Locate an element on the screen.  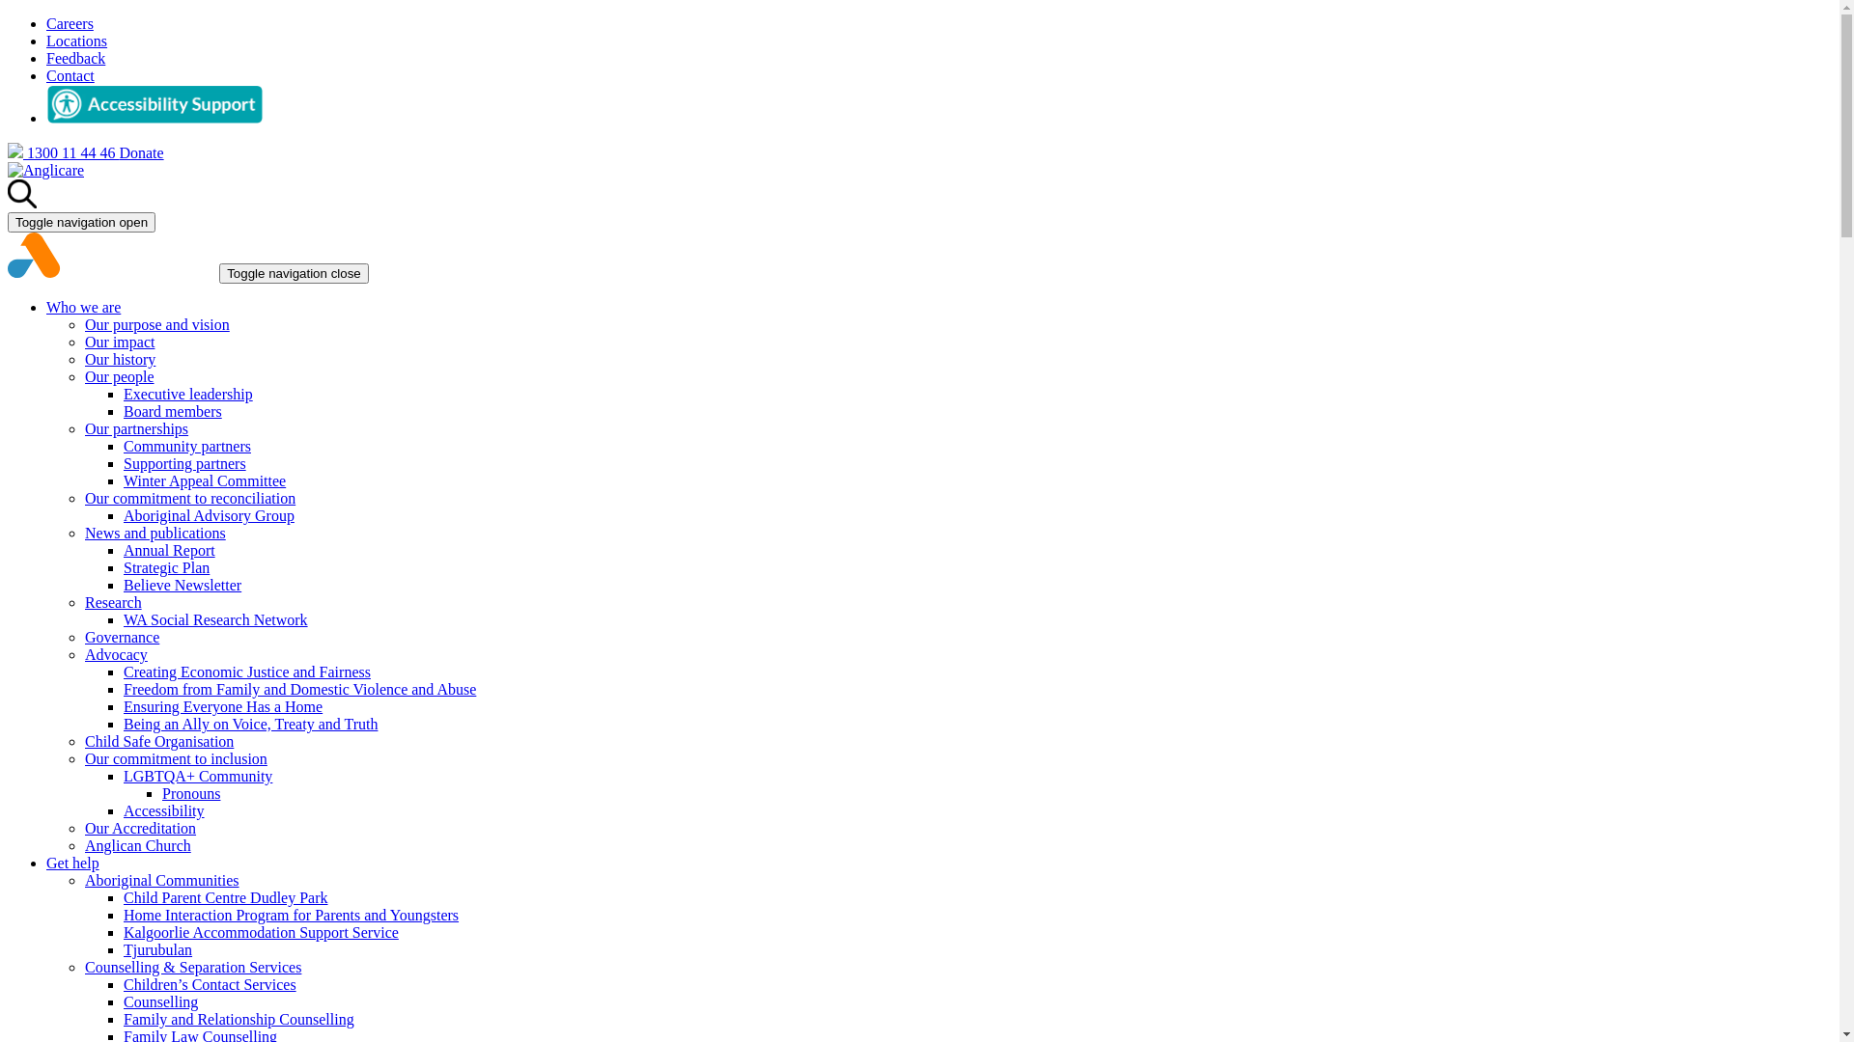
'Home Interaction Program for Parents and Youngsters' is located at coordinates (290, 914).